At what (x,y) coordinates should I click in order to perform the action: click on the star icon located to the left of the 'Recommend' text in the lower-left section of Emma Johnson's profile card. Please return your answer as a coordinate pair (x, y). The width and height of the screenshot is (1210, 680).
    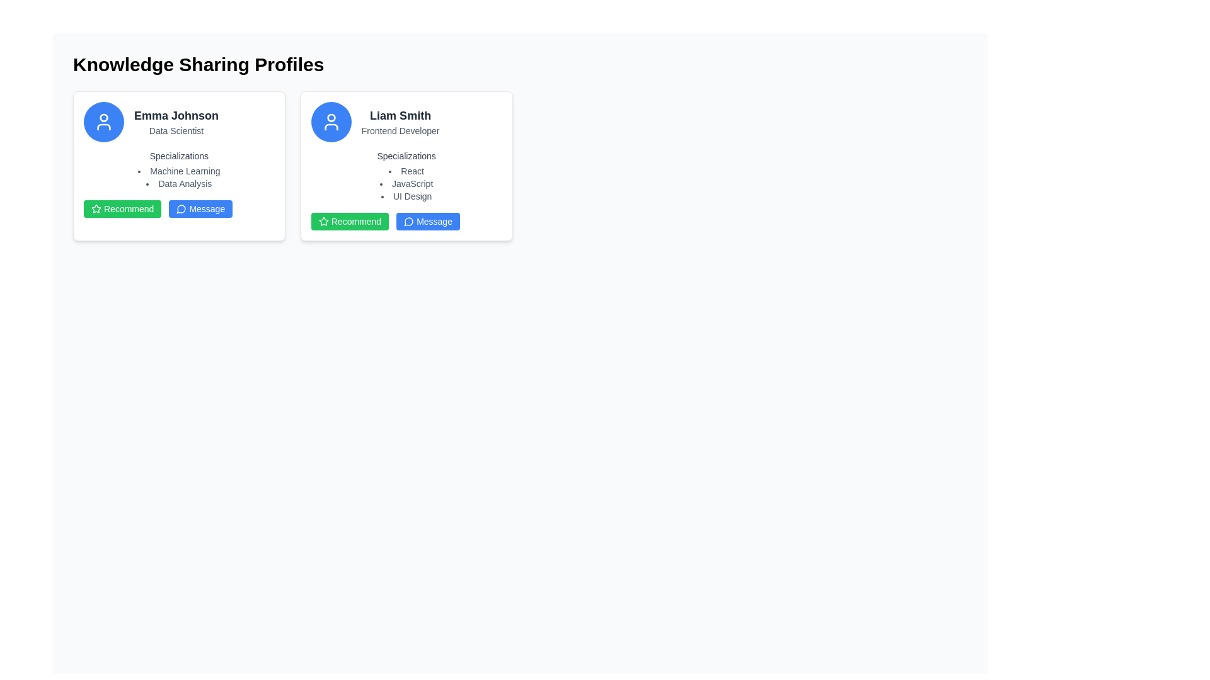
    Looking at the image, I should click on (96, 208).